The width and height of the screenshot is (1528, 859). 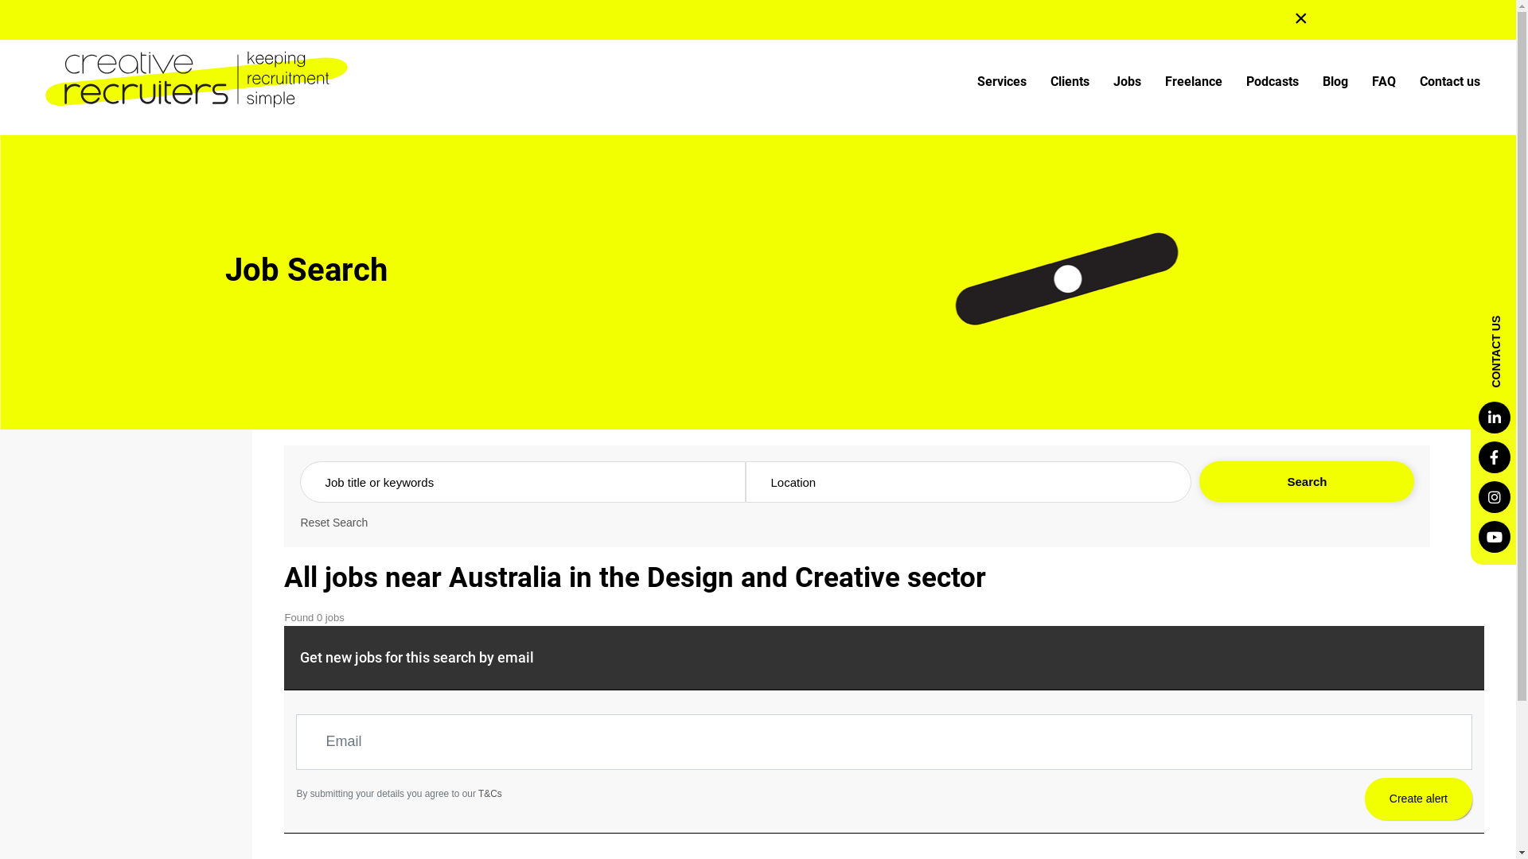 I want to click on 'Create alert', so click(x=1418, y=799).